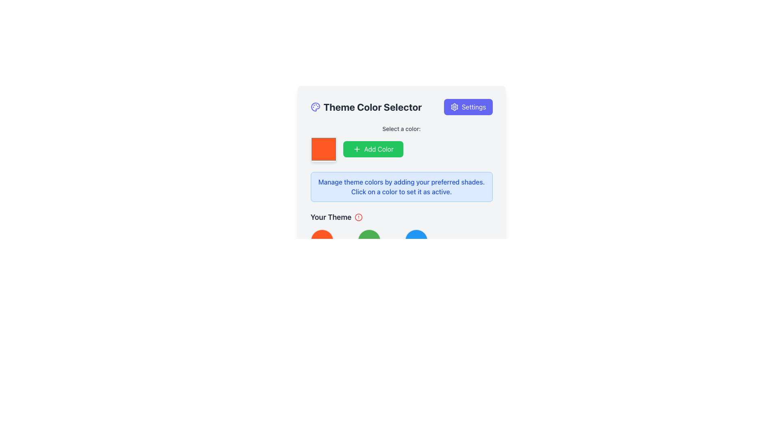 The height and width of the screenshot is (438, 780). I want to click on the text heading labeled 'Theme Color Selector' which is styled with a bold, large black font and includes a palette icon to its left, located prominently at the top of the settings section, so click(366, 106).